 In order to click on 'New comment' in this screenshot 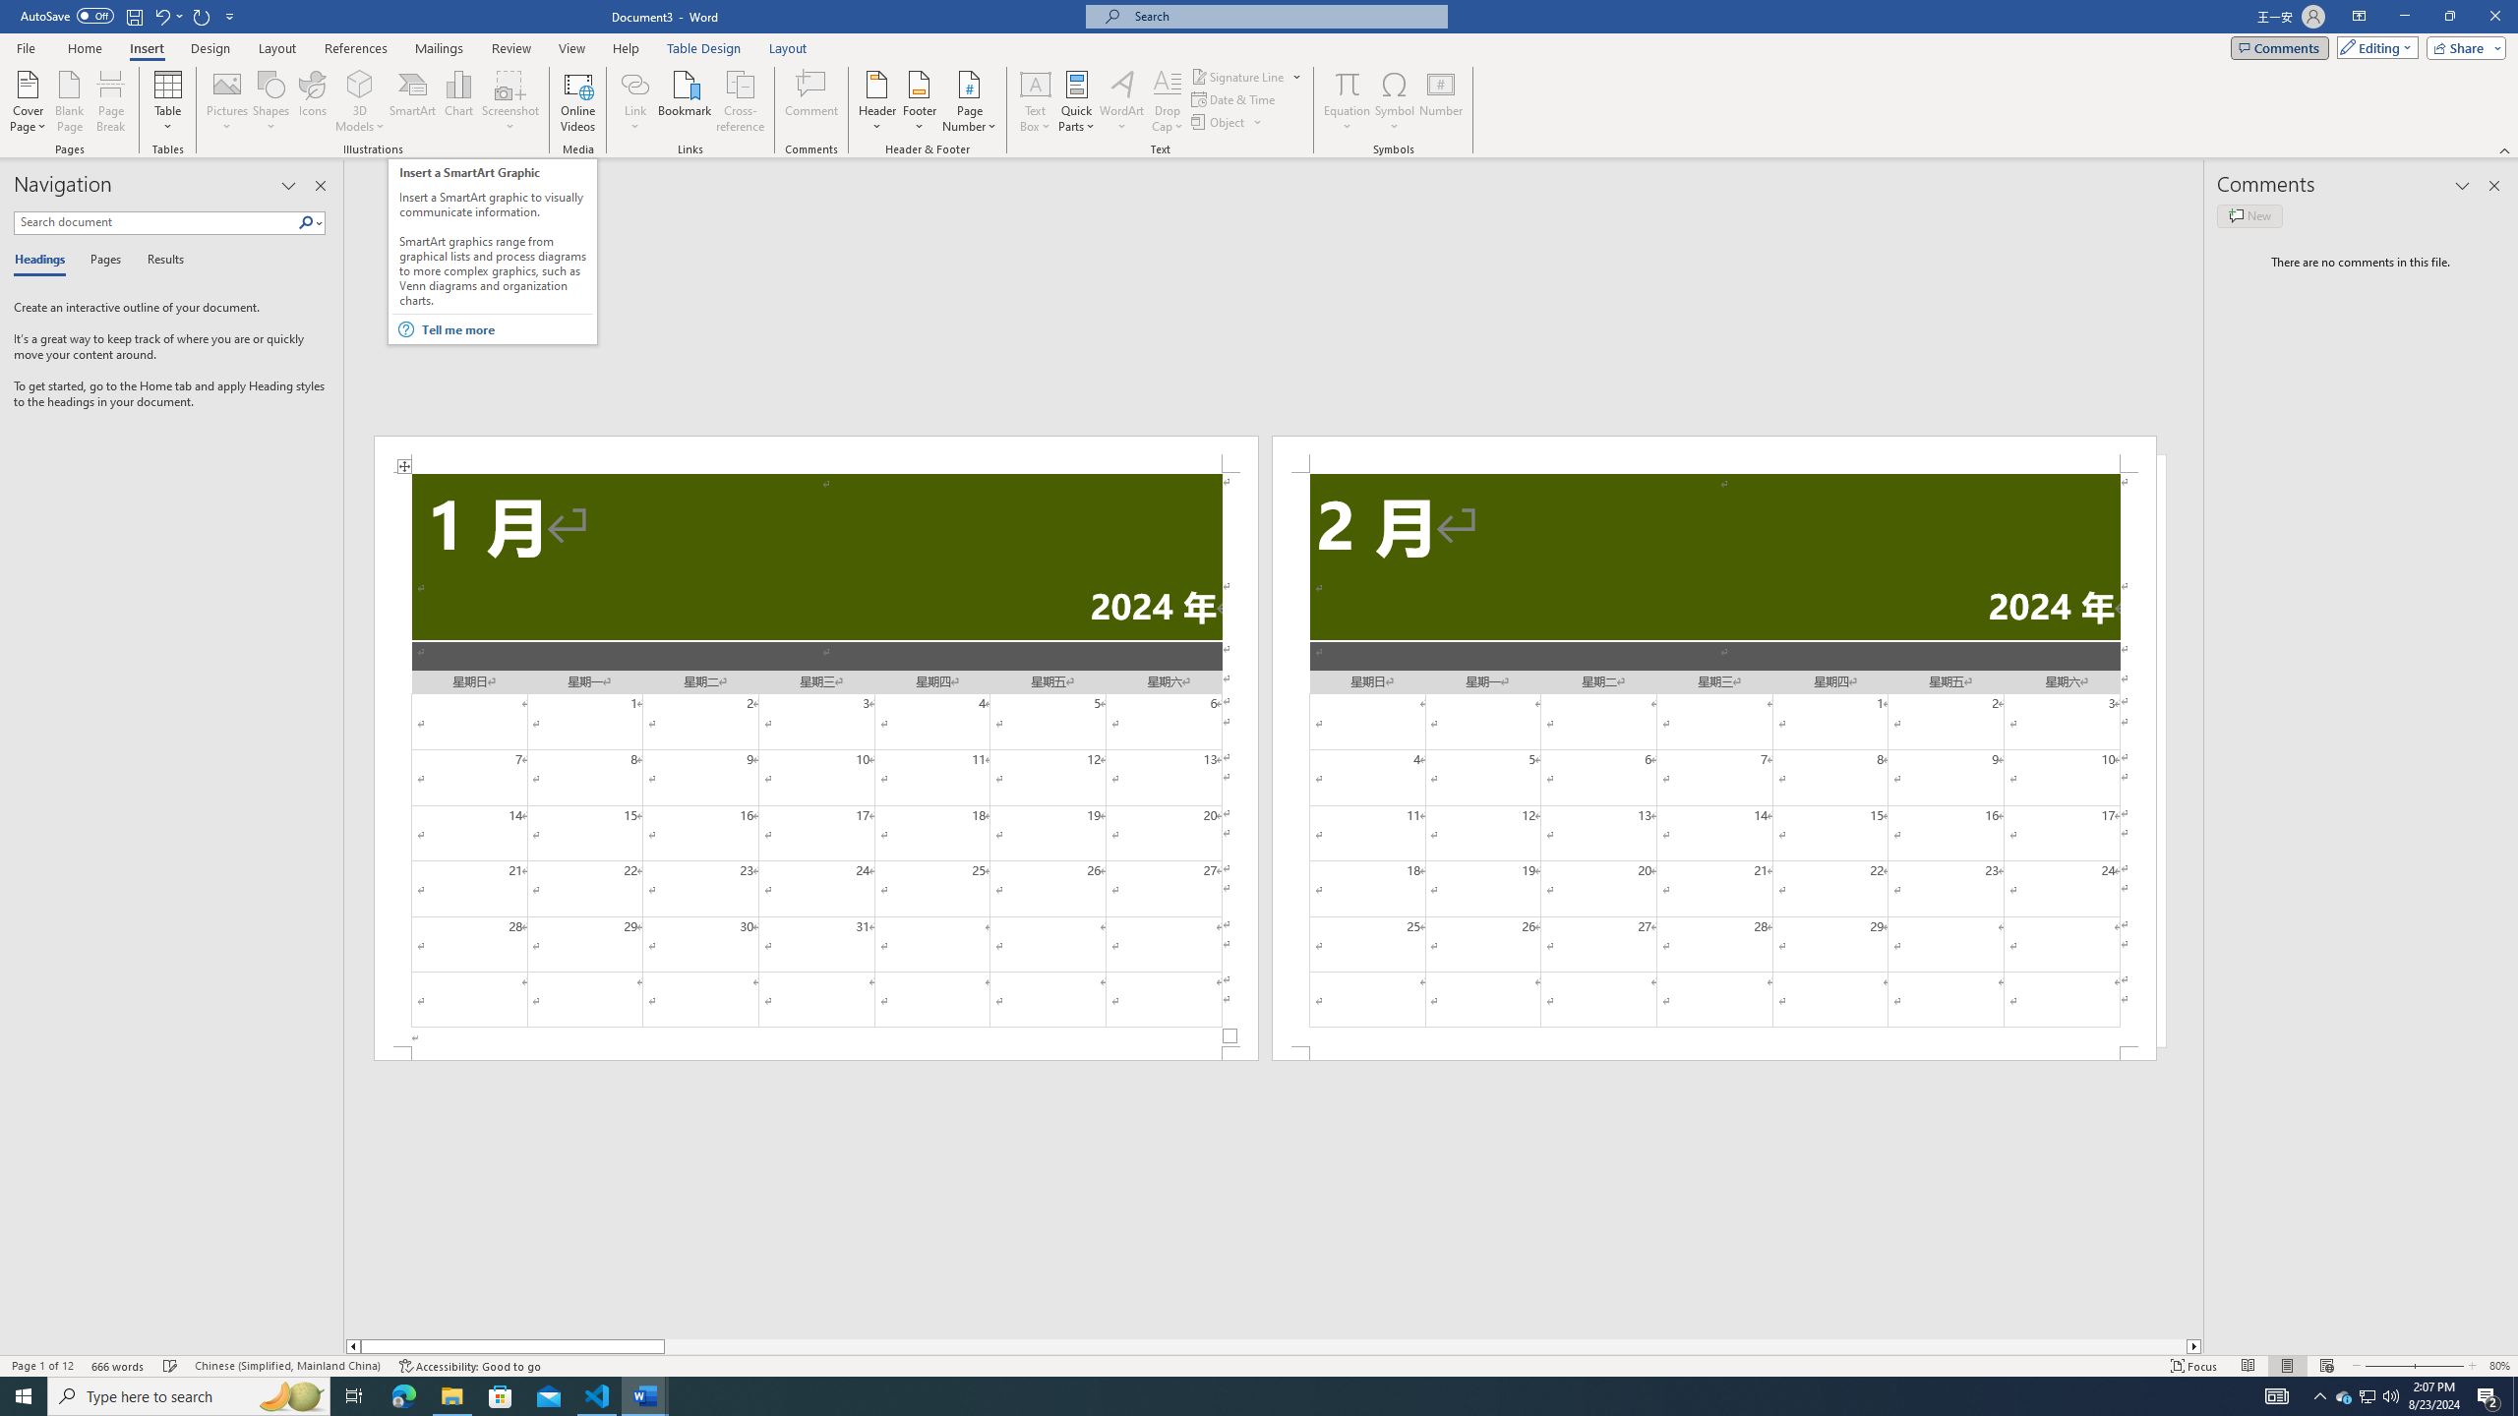, I will do `click(2248, 214)`.